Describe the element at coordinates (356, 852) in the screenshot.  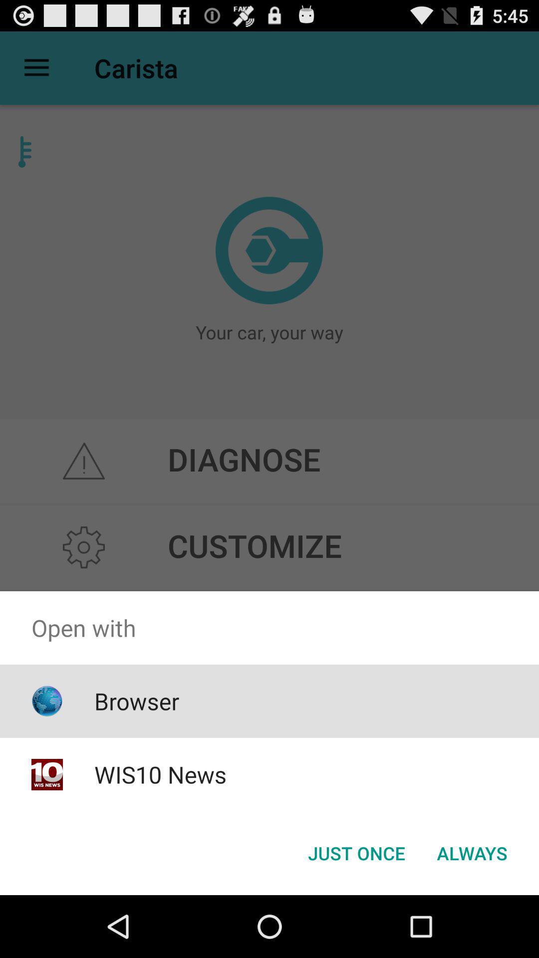
I see `the just once` at that location.